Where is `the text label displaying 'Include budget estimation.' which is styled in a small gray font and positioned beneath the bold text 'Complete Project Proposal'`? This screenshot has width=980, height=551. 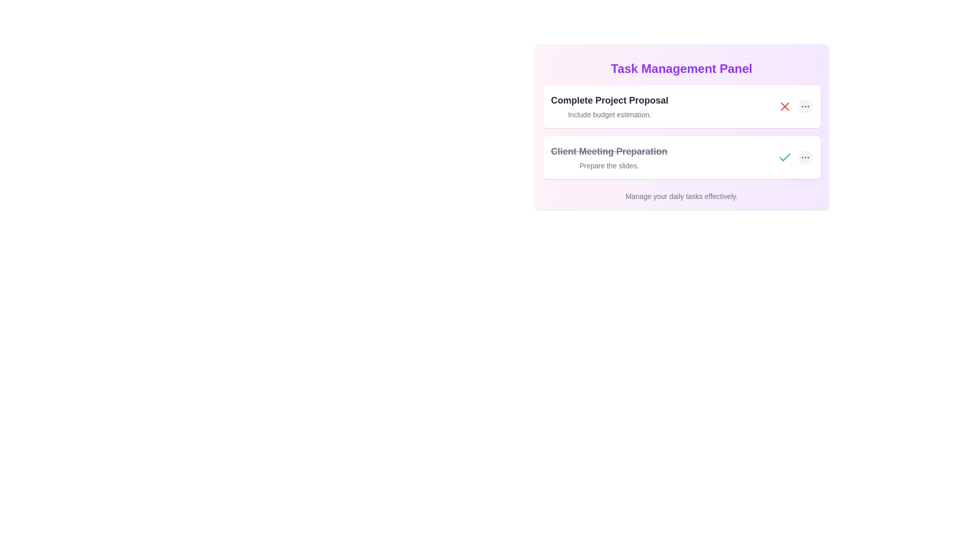
the text label displaying 'Include budget estimation.' which is styled in a small gray font and positioned beneath the bold text 'Complete Project Proposal' is located at coordinates (609, 114).